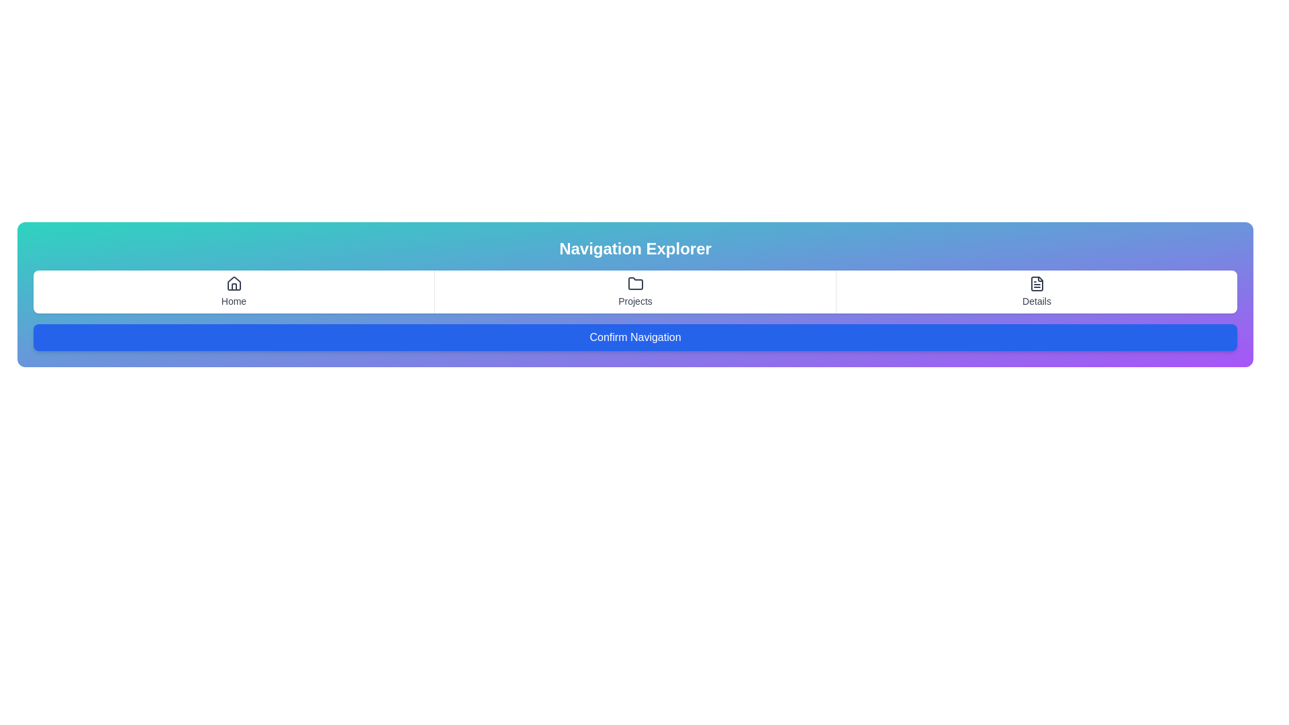 This screenshot has height=725, width=1289. What do you see at coordinates (634, 283) in the screenshot?
I see `the folder icon, which is represented by a rectangular shape with a tab or extension, styled with a greyish stroke outline and aligned with the 'Projects' label beneath it` at bounding box center [634, 283].